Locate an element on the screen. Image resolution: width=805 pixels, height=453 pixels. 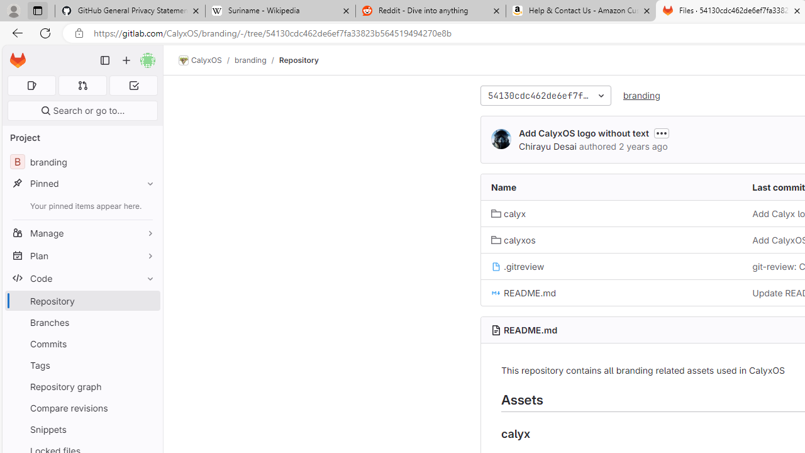
'CalyxOS/' is located at coordinates (206, 60).